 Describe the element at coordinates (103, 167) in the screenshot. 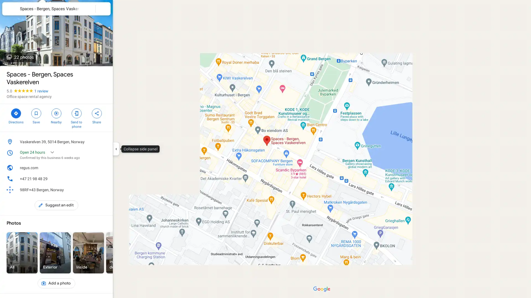

I see `Copy website` at that location.